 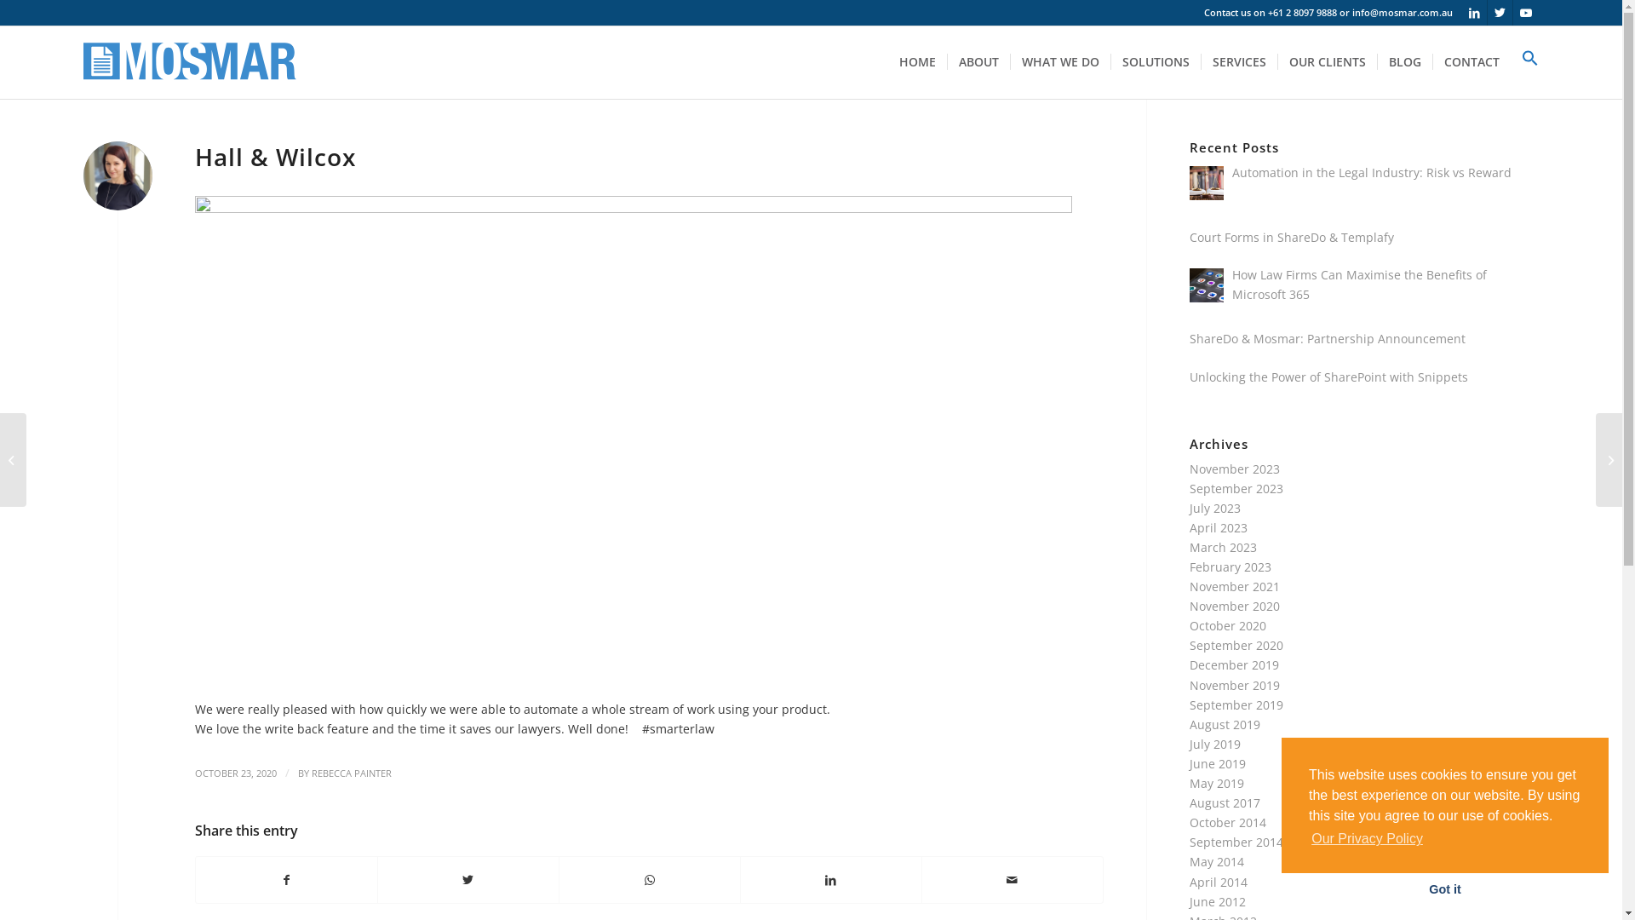 What do you see at coordinates (1372, 172) in the screenshot?
I see `'Automation in the Legal Industry: Risk vs Reward'` at bounding box center [1372, 172].